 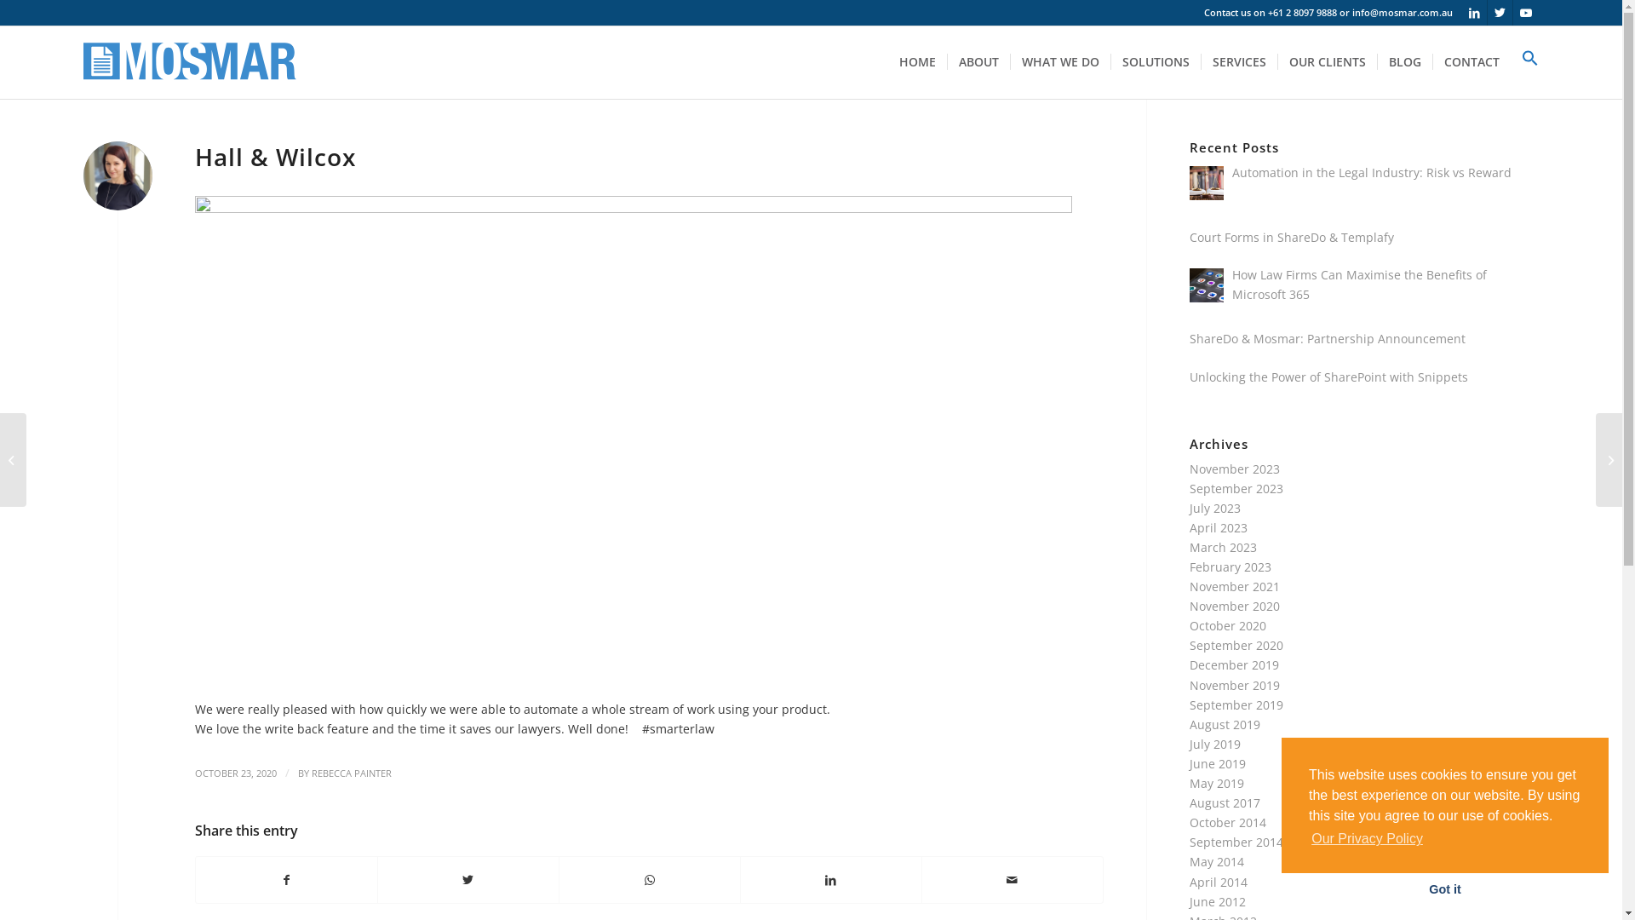 What do you see at coordinates (1372, 172) in the screenshot?
I see `'Automation in the Legal Industry: Risk vs Reward'` at bounding box center [1372, 172].